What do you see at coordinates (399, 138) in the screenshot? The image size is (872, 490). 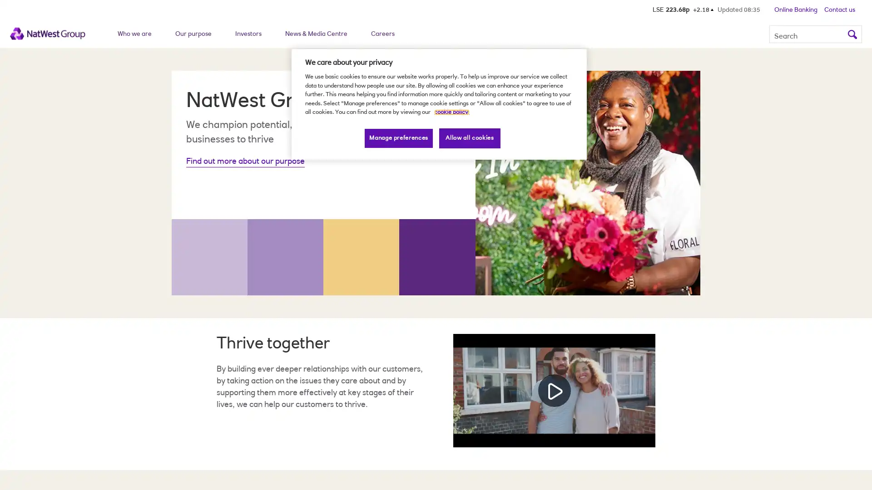 I see `Manage preferences` at bounding box center [399, 138].